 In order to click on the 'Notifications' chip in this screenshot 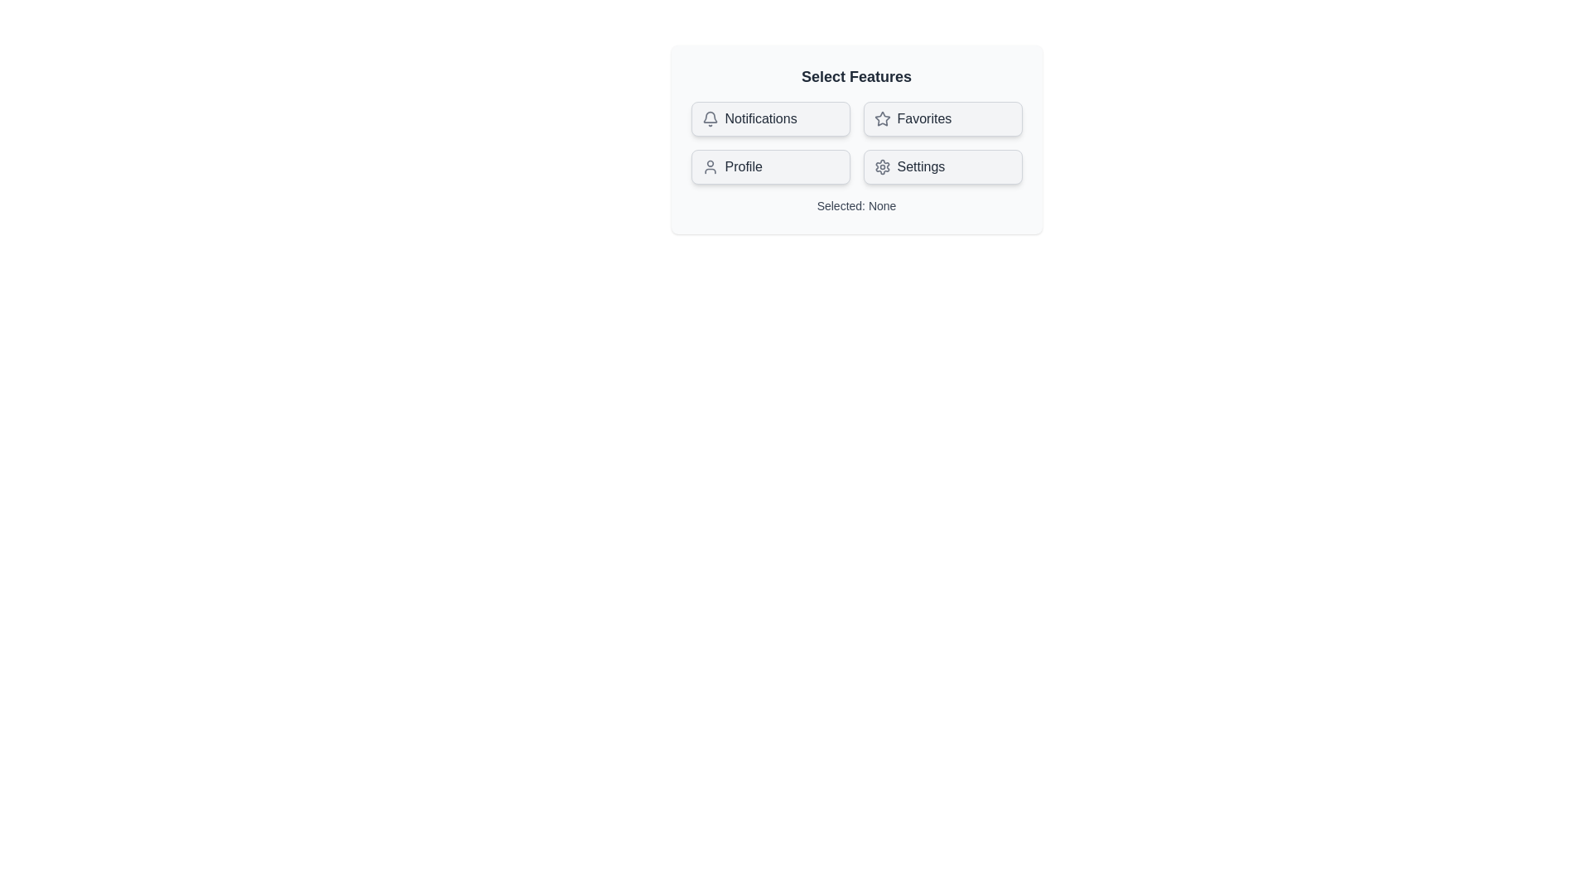, I will do `click(769, 118)`.